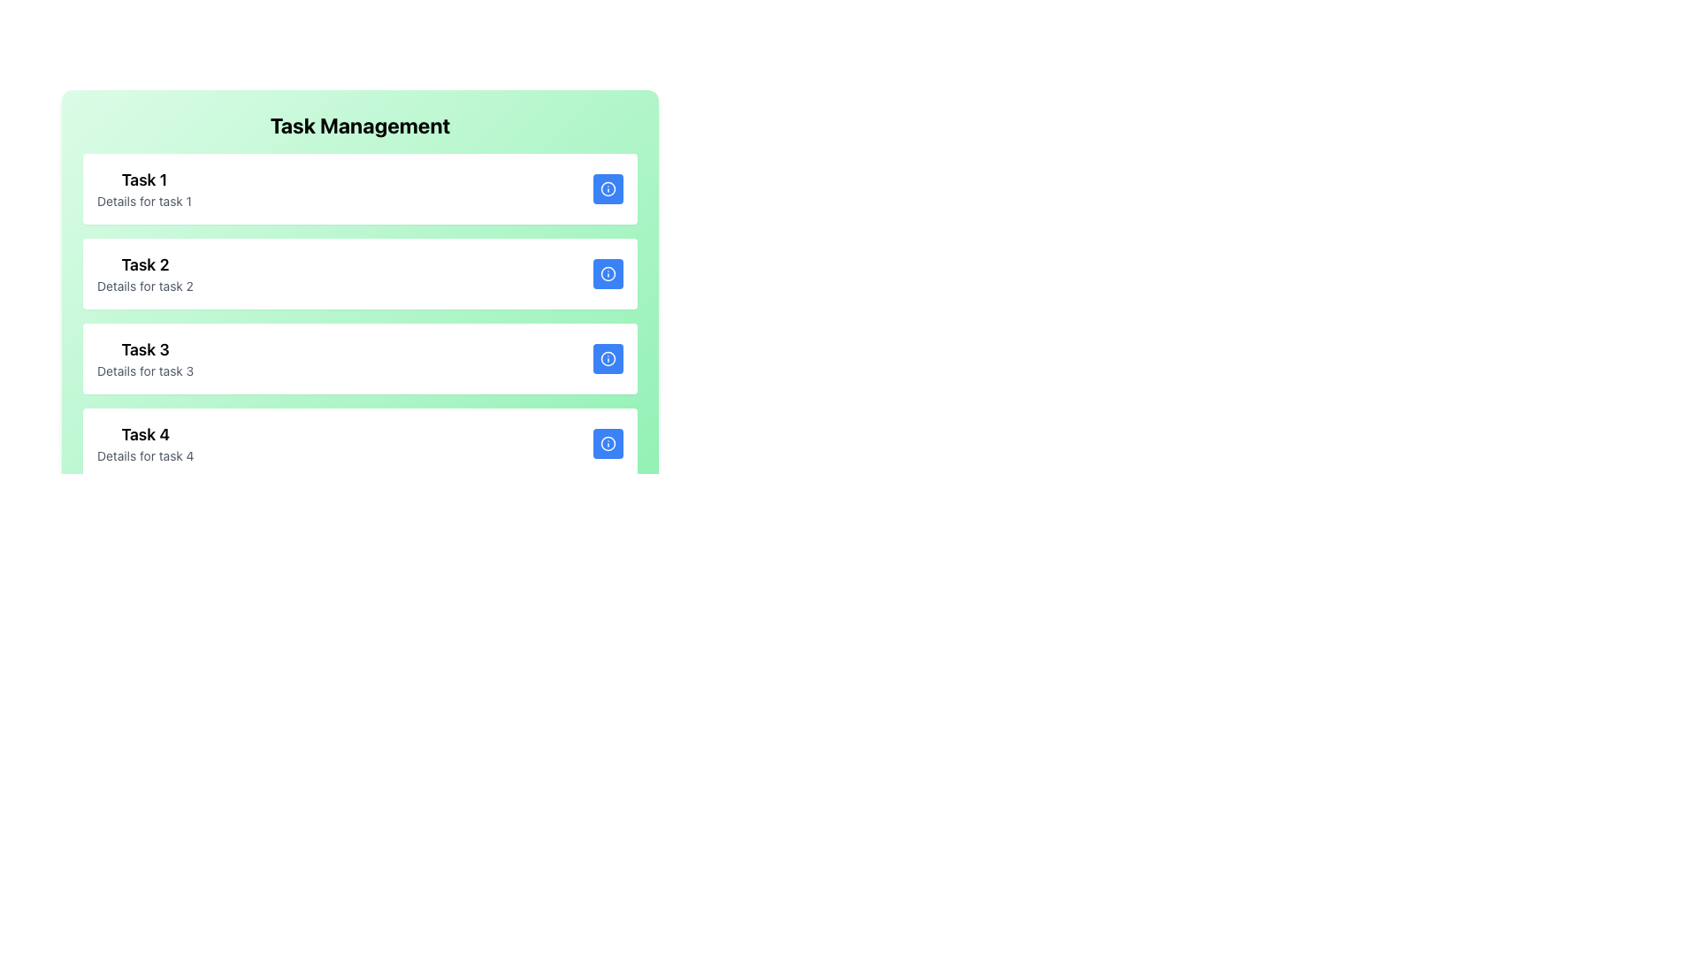 The width and height of the screenshot is (1698, 955). Describe the element at coordinates (145, 273) in the screenshot. I see `the text block titled 'Task 2' which includes a bolded title and a smaller gray description` at that location.